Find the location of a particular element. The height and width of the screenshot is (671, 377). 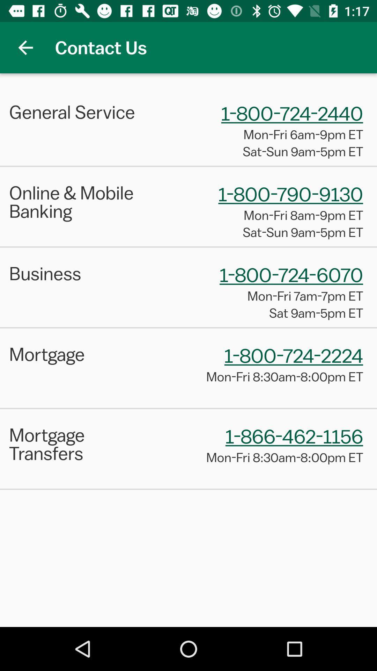

item next to 1 800 724 is located at coordinates (82, 273).